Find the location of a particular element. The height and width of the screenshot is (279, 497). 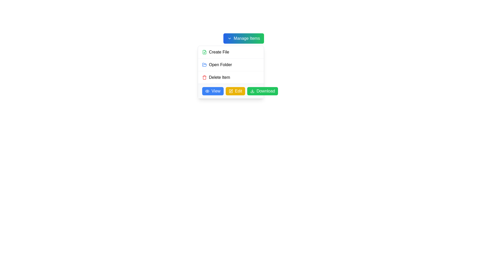

the graphical representation of the 'Edit' icon located within the middle button of a horizontal row of three buttons under a card-like element is located at coordinates (230, 91).